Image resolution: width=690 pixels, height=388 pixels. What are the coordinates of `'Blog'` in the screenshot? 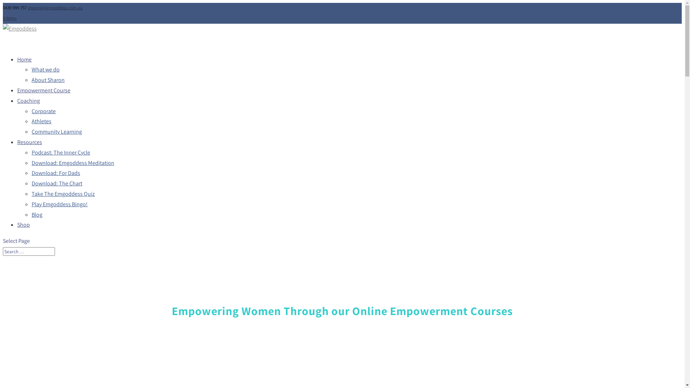 It's located at (36, 214).